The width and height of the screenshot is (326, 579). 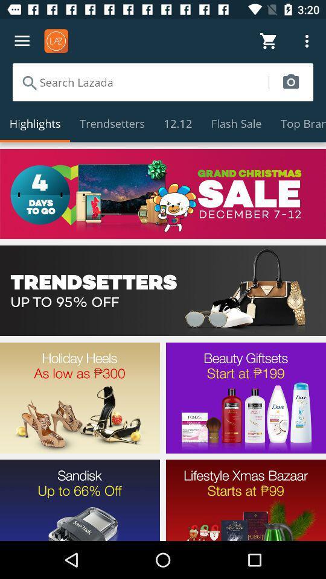 I want to click on open the windows, so click(x=163, y=194).